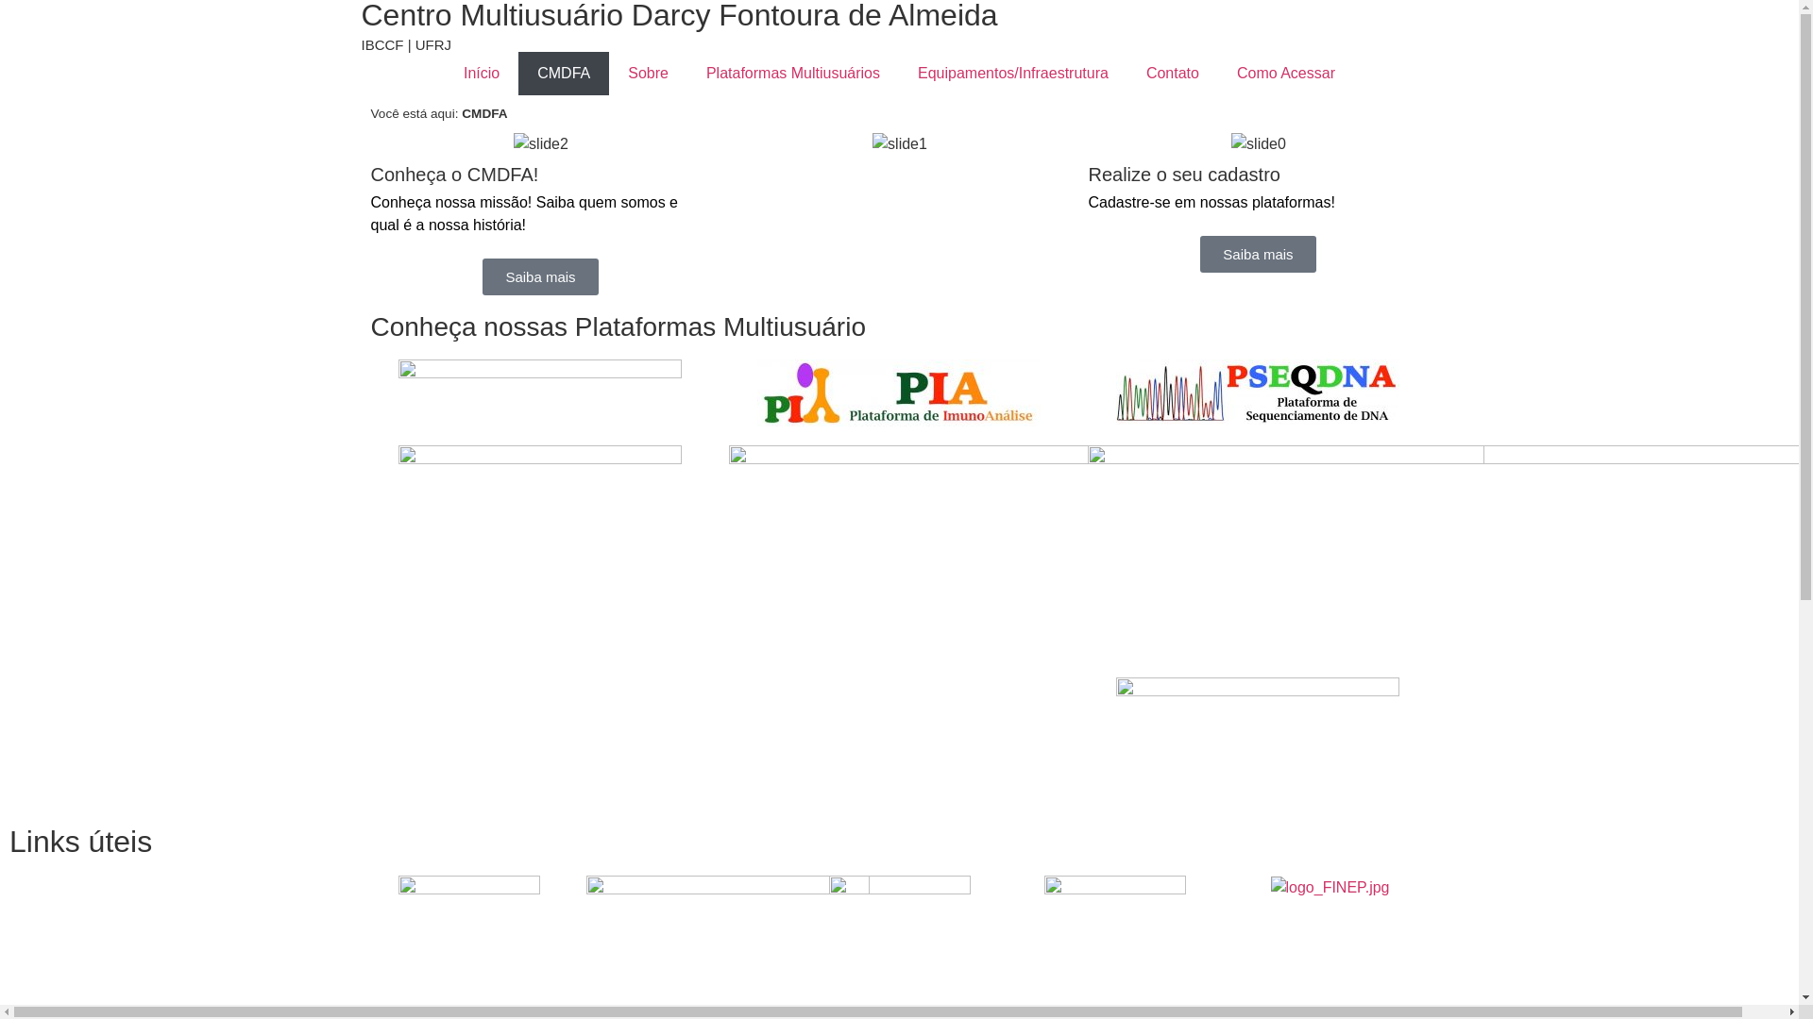  What do you see at coordinates (897, 72) in the screenshot?
I see `'Equipamentos/Infraestrutura'` at bounding box center [897, 72].